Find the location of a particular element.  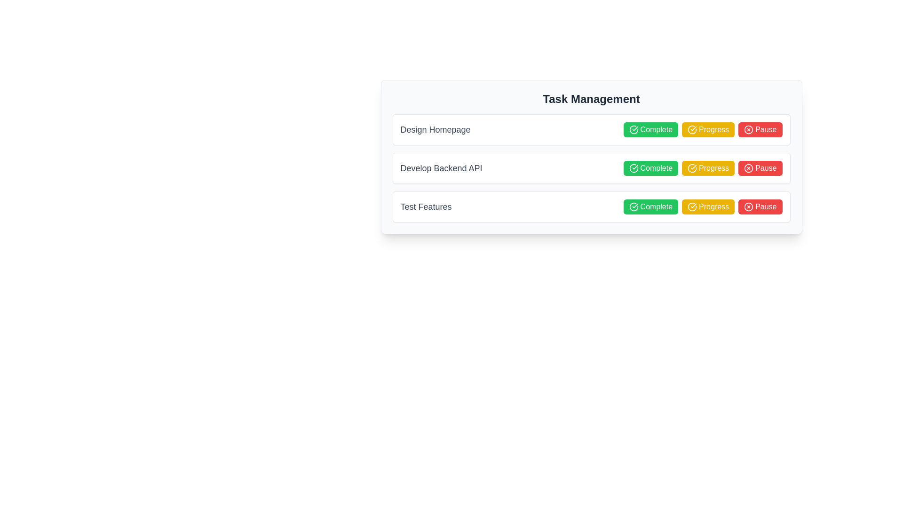

the second task item in the 'Task Management' section is located at coordinates (591, 168).